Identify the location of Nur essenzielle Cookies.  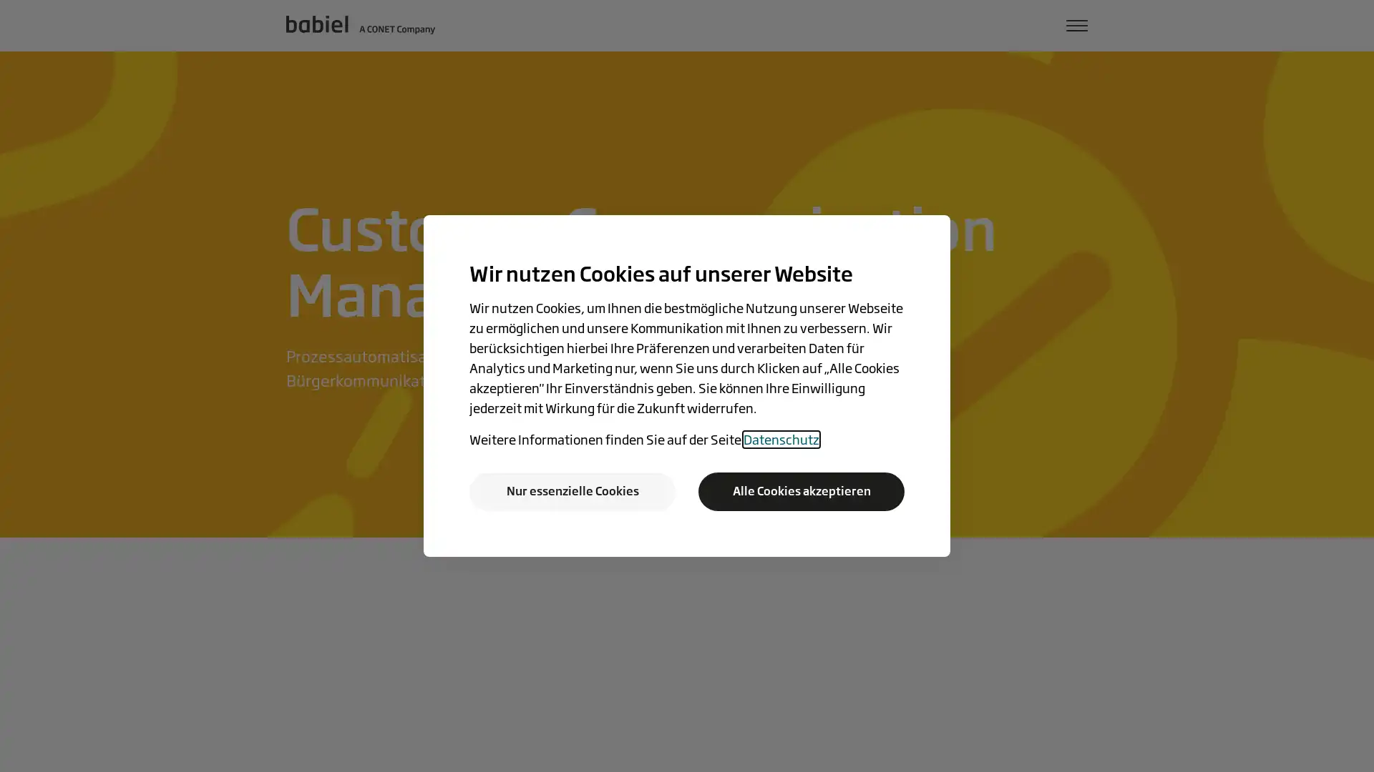
(572, 490).